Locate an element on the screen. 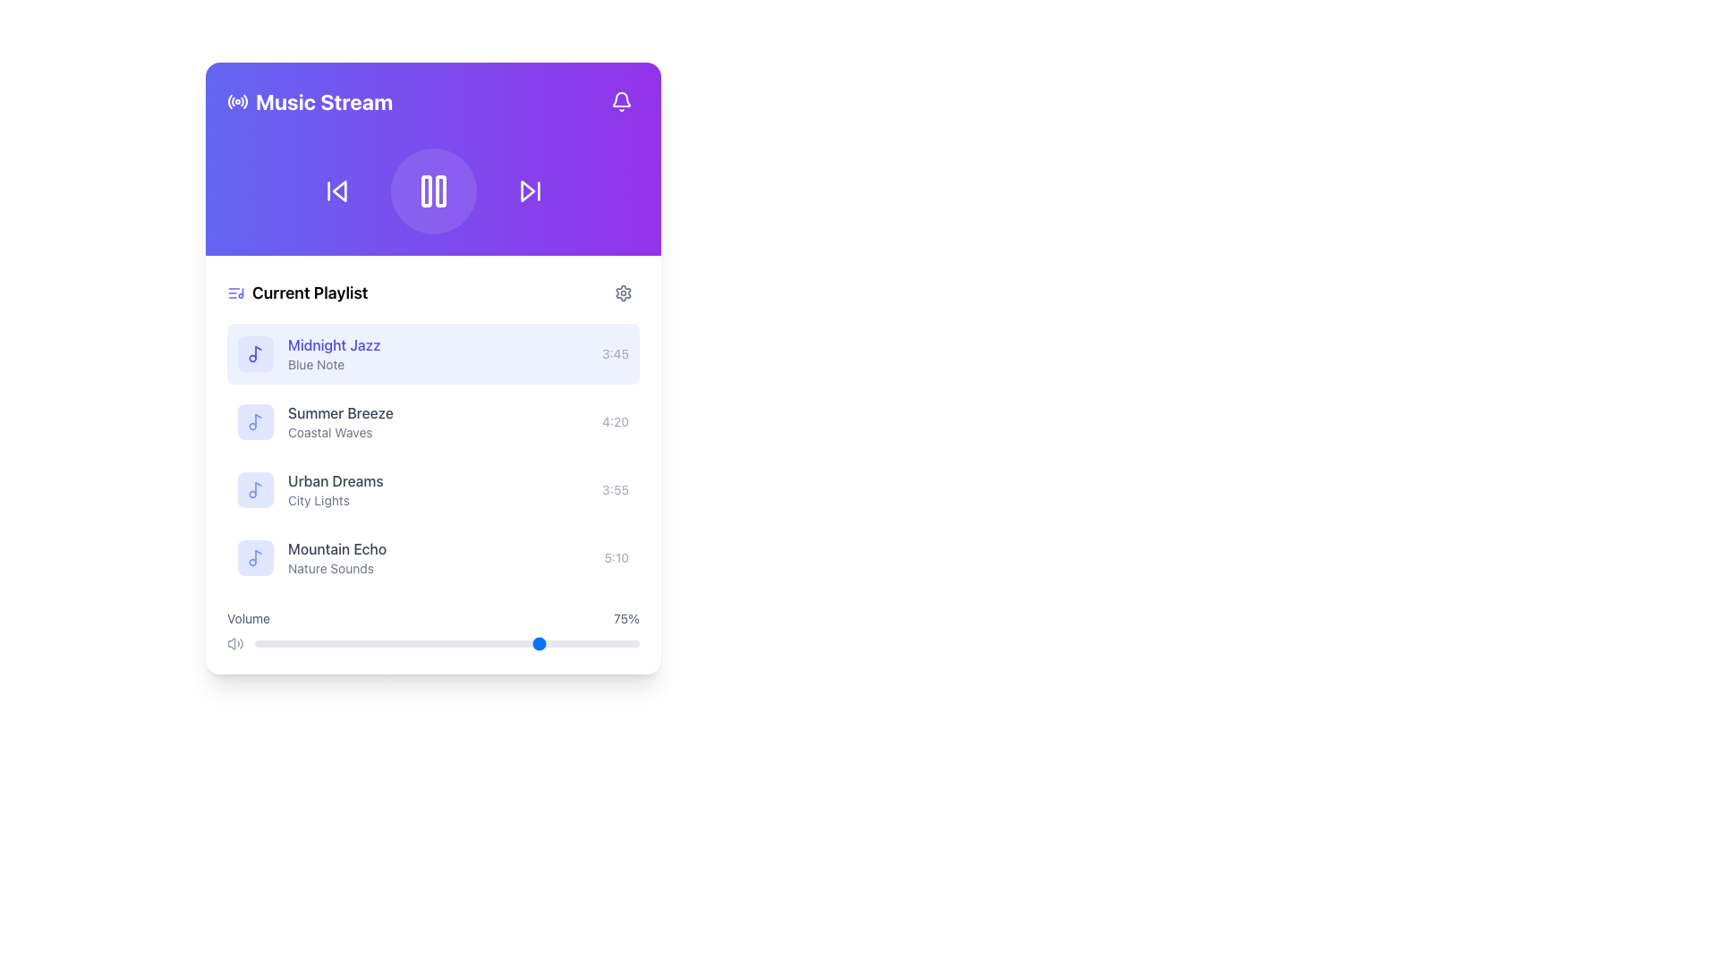 This screenshot has width=1718, height=966. the backward skip icon button, which is styled in a modern line-art design, to skip to the previous track is located at coordinates (336, 191).